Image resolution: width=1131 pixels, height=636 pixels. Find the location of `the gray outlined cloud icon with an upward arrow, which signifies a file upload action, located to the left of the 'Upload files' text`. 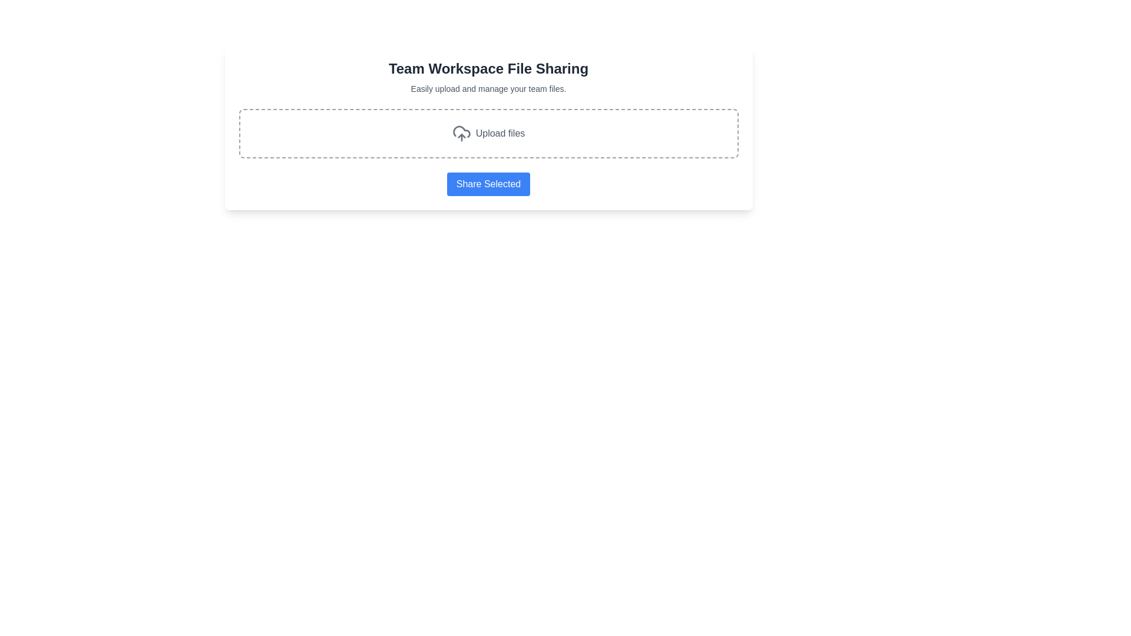

the gray outlined cloud icon with an upward arrow, which signifies a file upload action, located to the left of the 'Upload files' text is located at coordinates (461, 133).